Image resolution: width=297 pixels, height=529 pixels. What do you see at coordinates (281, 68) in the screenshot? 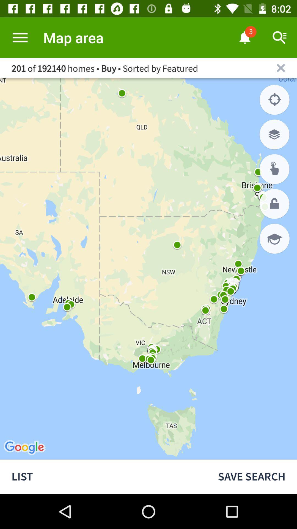
I see `close` at bounding box center [281, 68].